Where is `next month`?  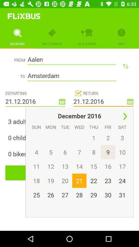 next month is located at coordinates (125, 117).